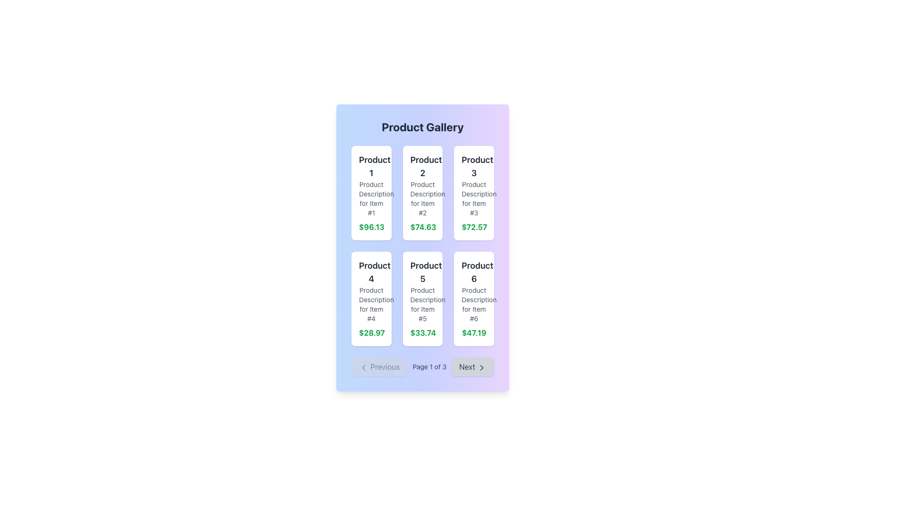 This screenshot has width=907, height=510. What do you see at coordinates (422, 192) in the screenshot?
I see `the Card component displaying 'Product 2' in bold text, with a description and price below, located in the second column of the first row of a 3x2 grid layout` at bounding box center [422, 192].